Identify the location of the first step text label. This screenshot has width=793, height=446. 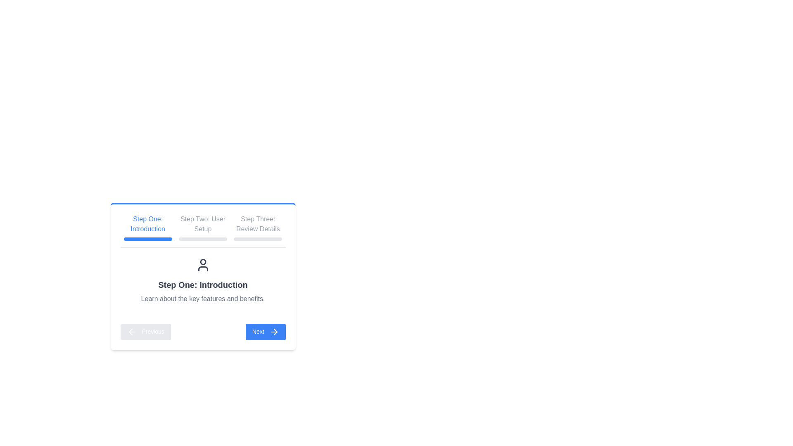
(148, 228).